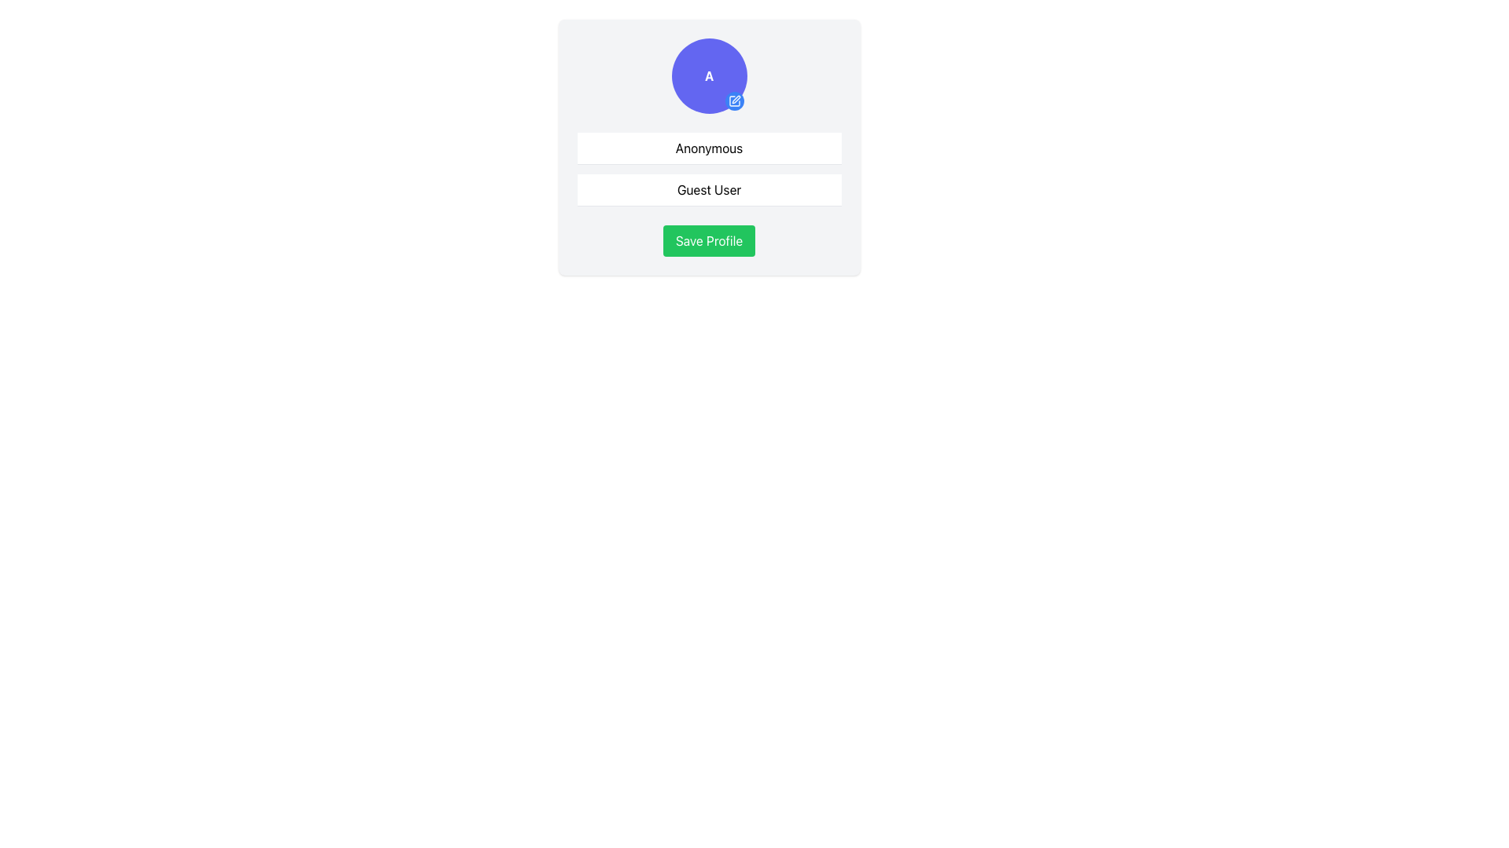 The height and width of the screenshot is (848, 1509). I want to click on the edit button located at the bottom-right corner of the circular avatar component labeled 'A', so click(733, 101).